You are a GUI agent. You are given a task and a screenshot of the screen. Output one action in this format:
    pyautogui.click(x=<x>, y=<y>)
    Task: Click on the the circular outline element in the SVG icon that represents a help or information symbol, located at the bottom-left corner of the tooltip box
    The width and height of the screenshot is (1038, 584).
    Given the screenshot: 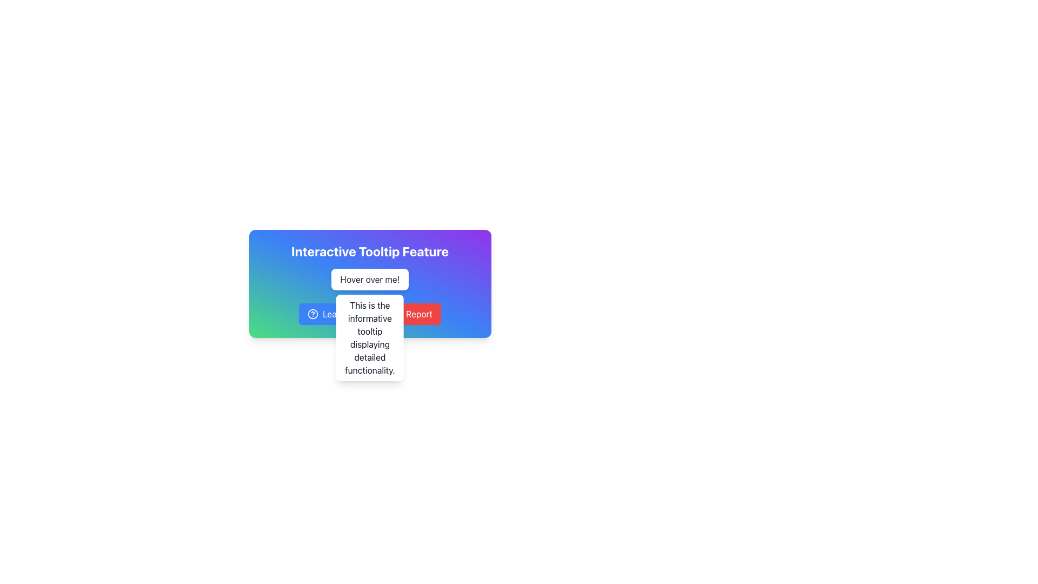 What is the action you would take?
    pyautogui.click(x=396, y=314)
    